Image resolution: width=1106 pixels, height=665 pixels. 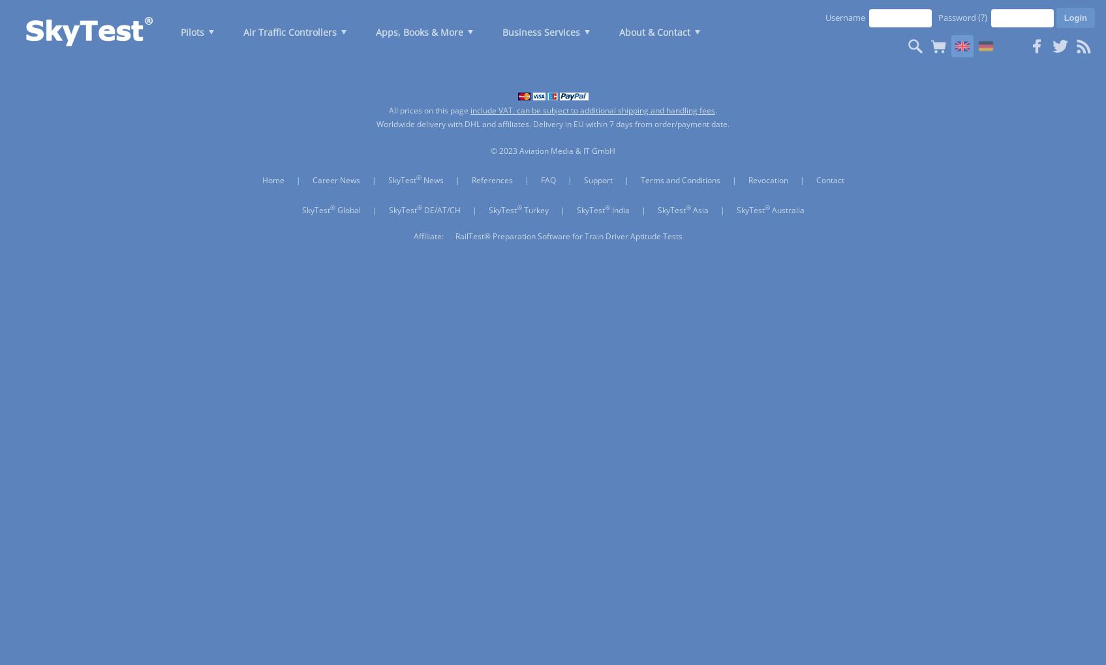 I want to click on 'News', so click(x=432, y=179).